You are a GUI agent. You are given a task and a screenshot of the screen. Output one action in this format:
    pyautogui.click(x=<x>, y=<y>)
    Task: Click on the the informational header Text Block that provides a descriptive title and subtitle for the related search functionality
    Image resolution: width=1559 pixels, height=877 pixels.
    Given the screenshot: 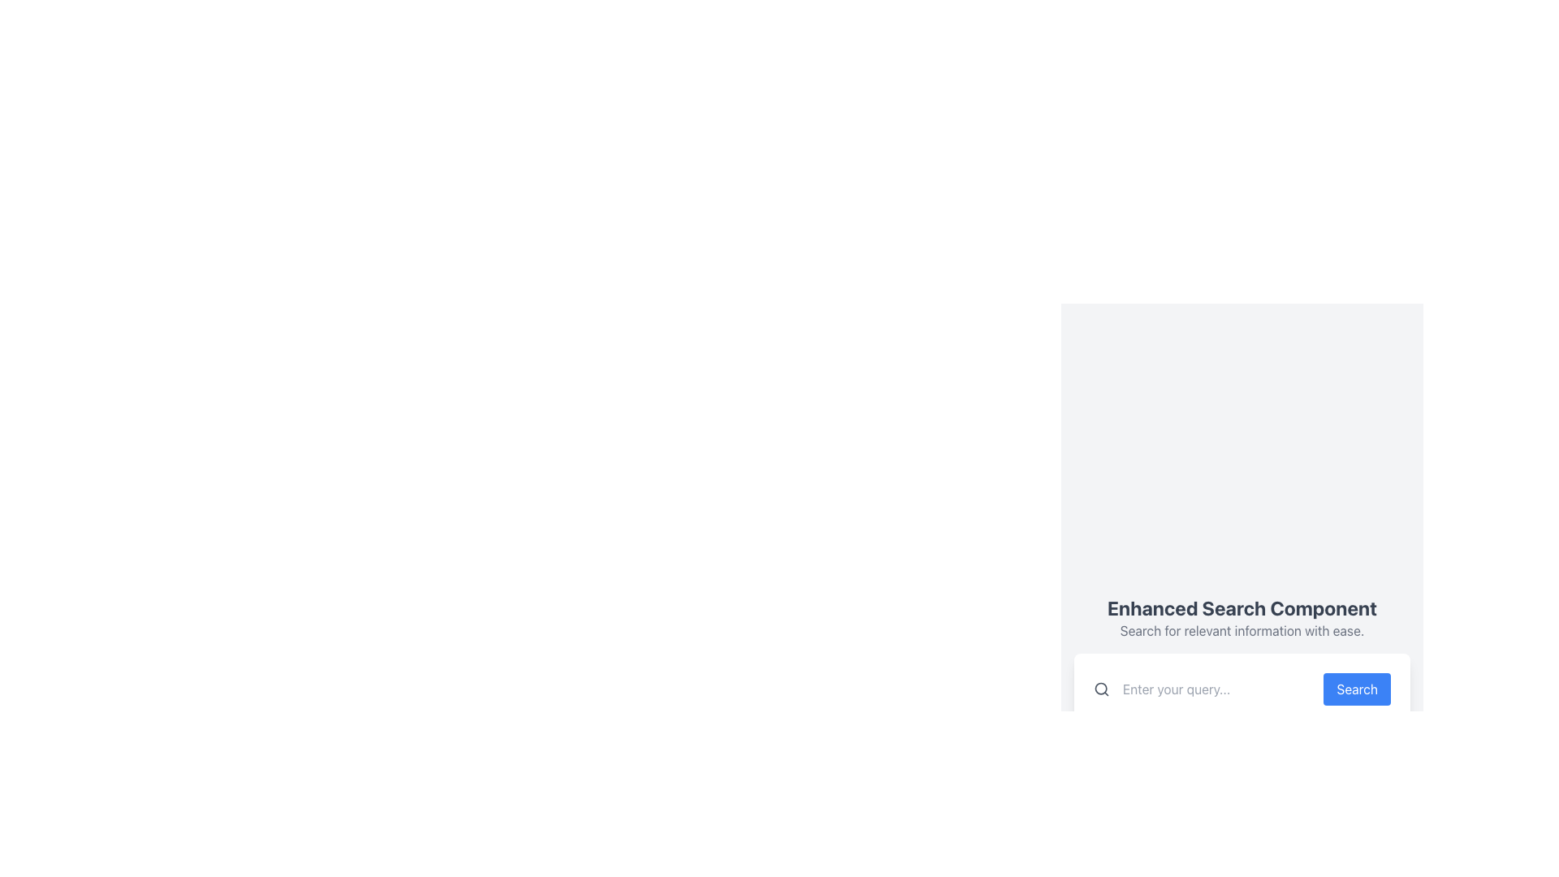 What is the action you would take?
    pyautogui.click(x=1242, y=617)
    